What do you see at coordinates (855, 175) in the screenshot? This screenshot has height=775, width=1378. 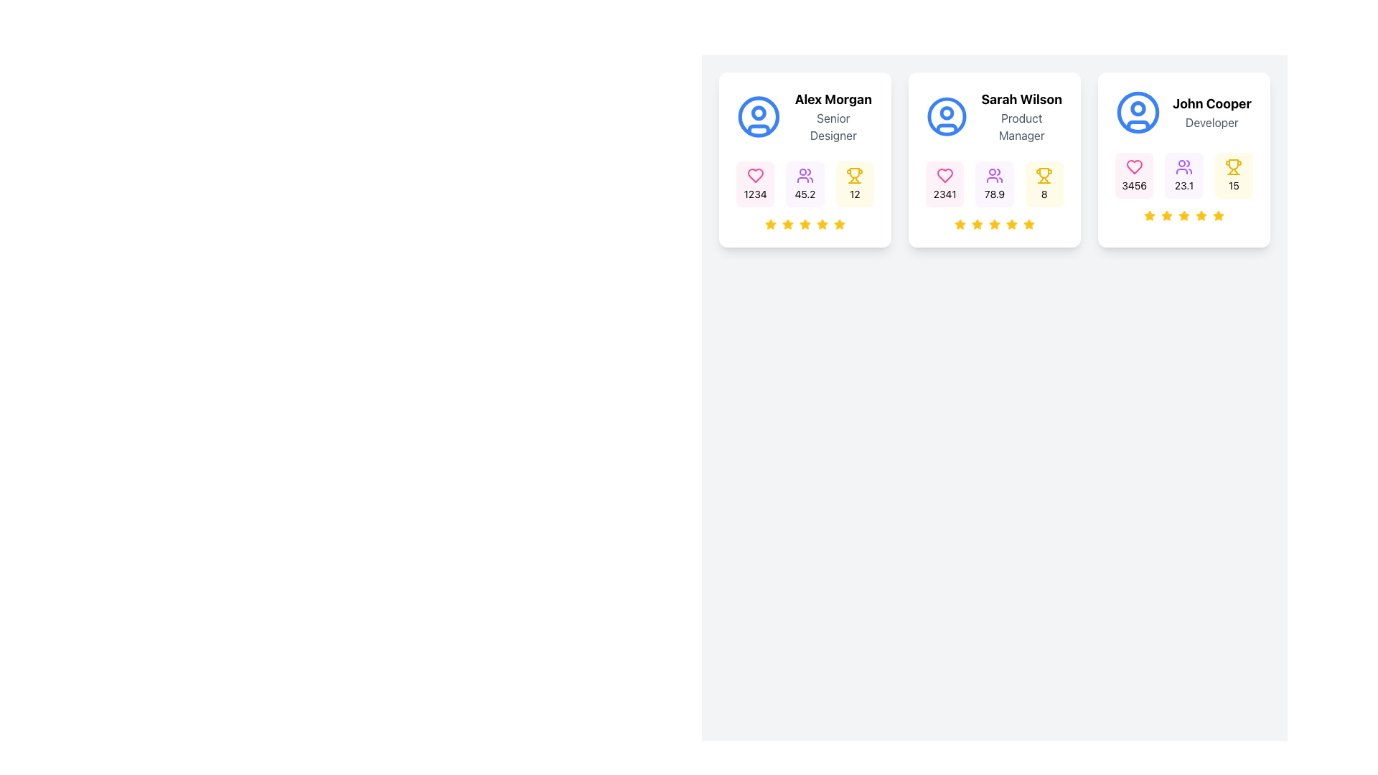 I see `the achievements icon representing the score or count for 'Alex Morgan, Senior Designer'` at bounding box center [855, 175].